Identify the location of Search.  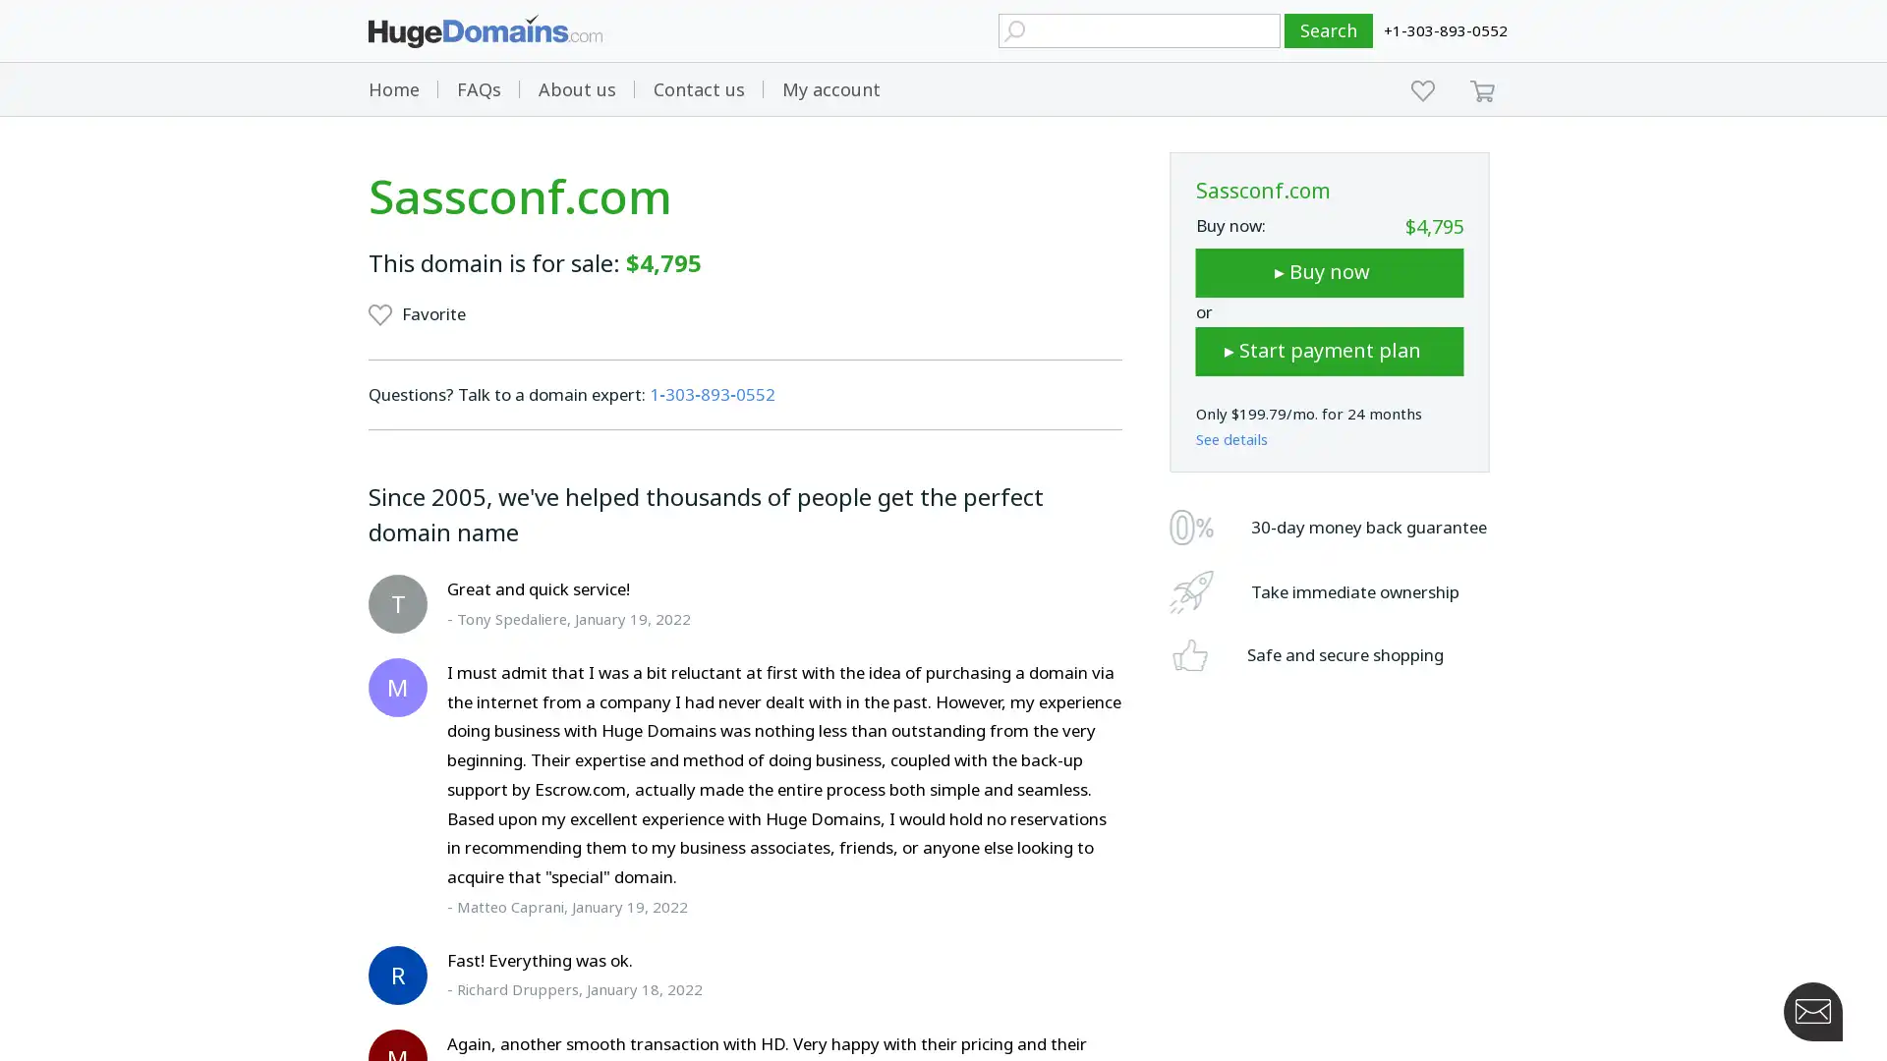
(1329, 30).